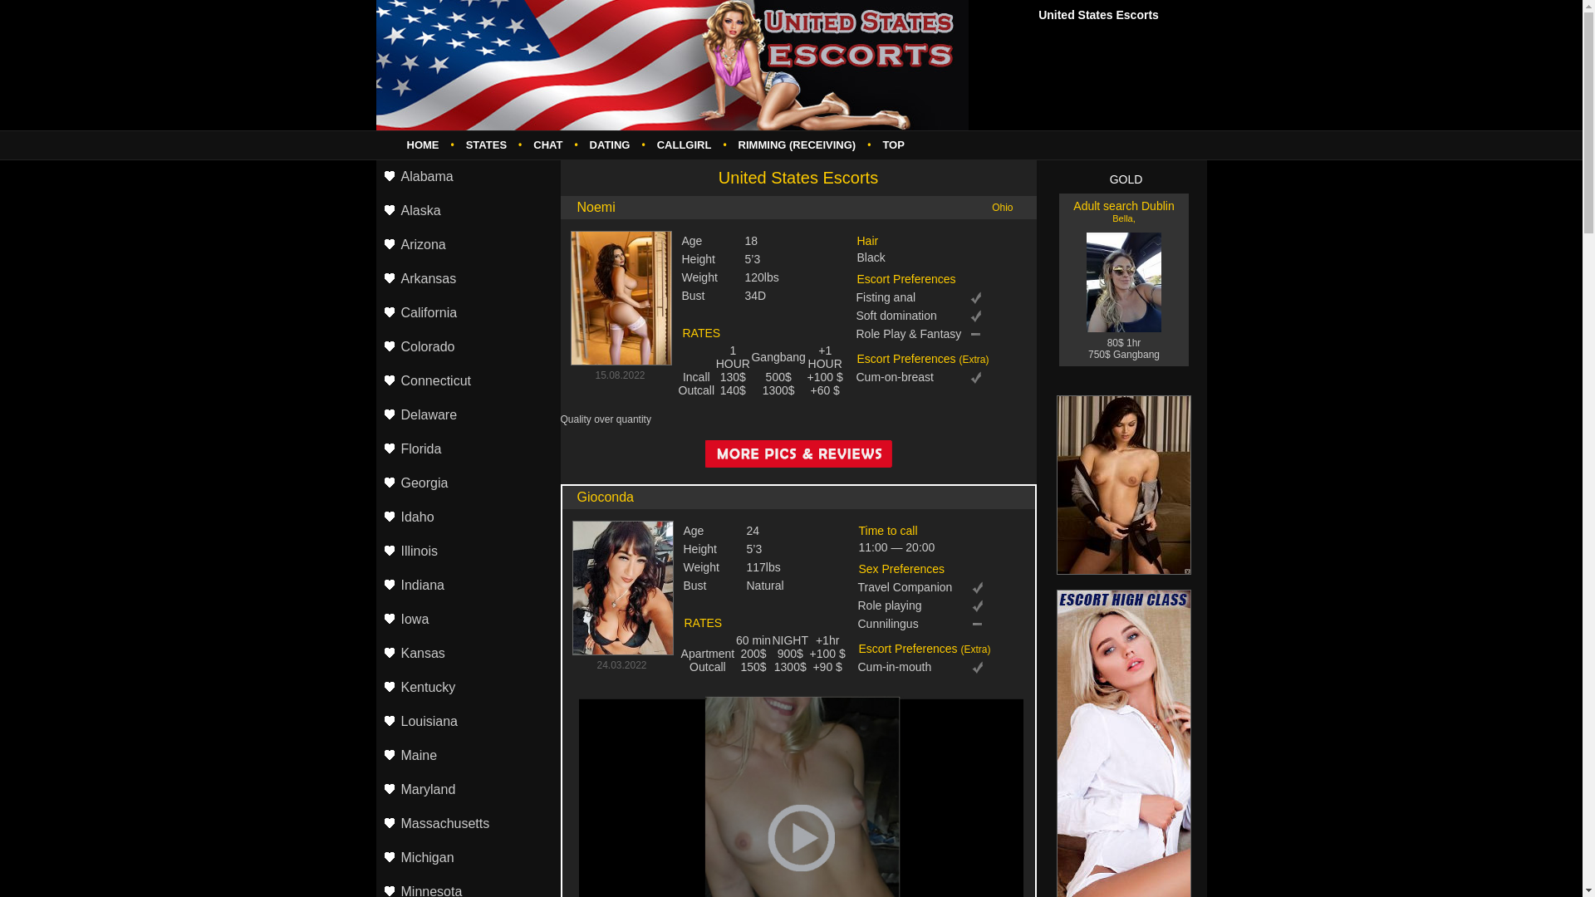 The width and height of the screenshot is (1595, 897). What do you see at coordinates (465, 313) in the screenshot?
I see `'California'` at bounding box center [465, 313].